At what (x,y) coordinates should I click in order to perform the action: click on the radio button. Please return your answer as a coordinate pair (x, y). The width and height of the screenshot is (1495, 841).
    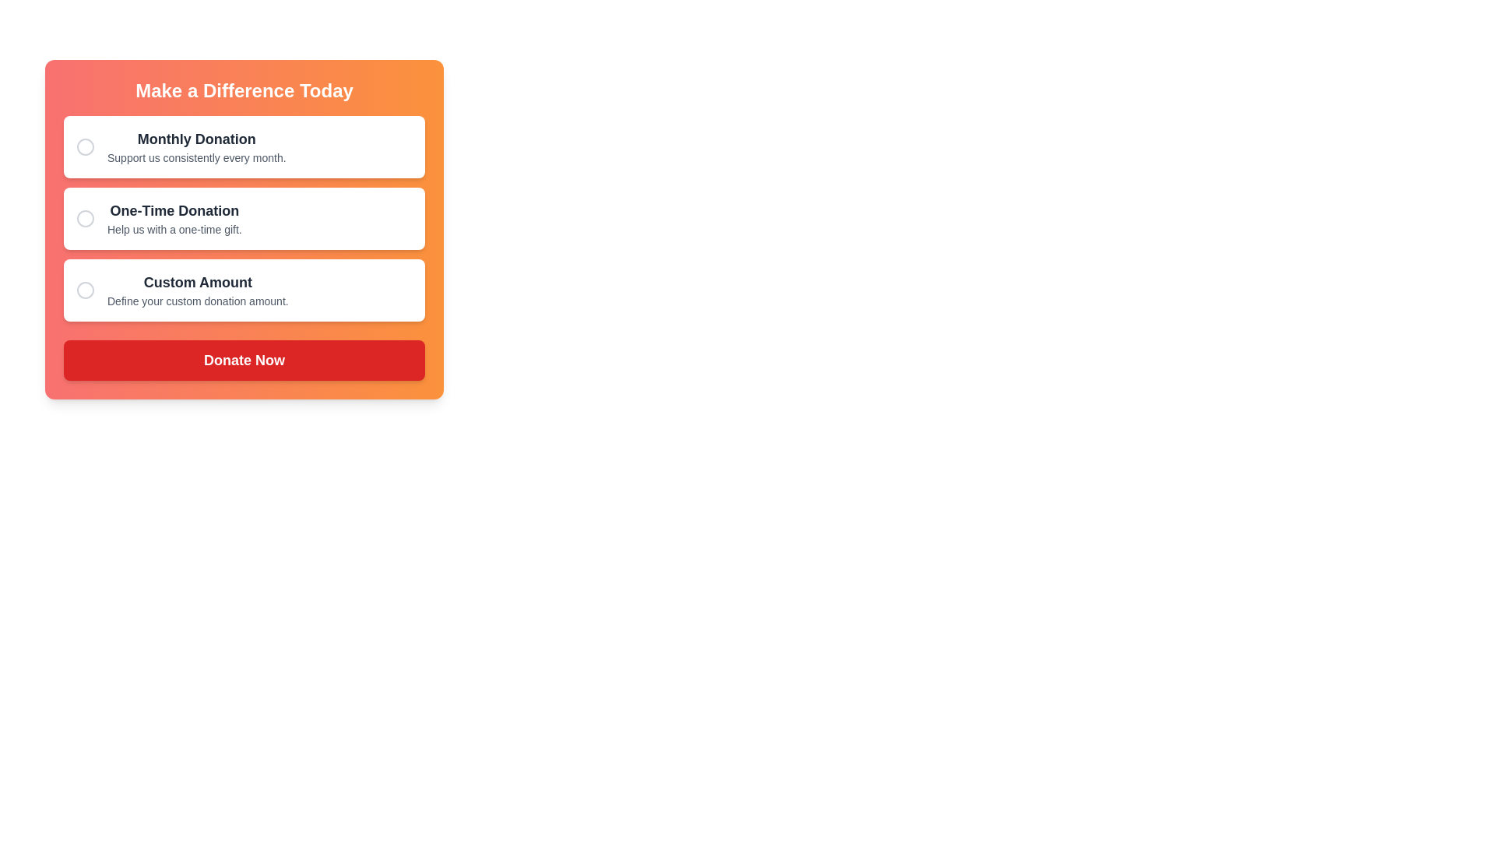
    Looking at the image, I should click on (85, 219).